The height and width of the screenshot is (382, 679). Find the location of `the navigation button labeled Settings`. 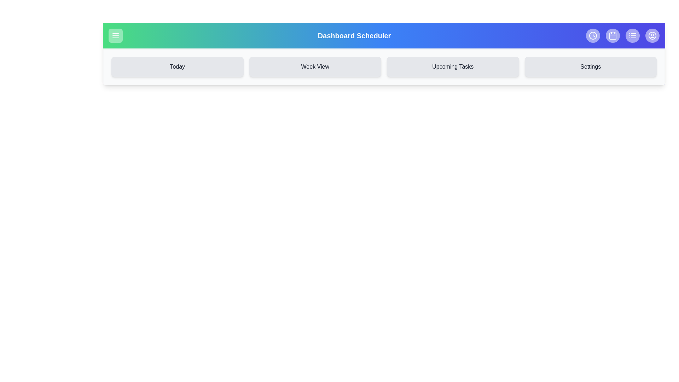

the navigation button labeled Settings is located at coordinates (591, 67).